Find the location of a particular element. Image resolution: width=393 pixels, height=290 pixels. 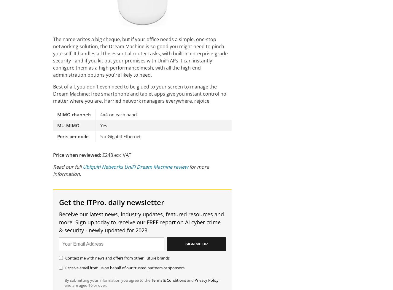

'Best of all, you don't even need to be glued to your screen to manage the Dream Machine: free smartphone and tablet apps give you instant control no matter where you are. Harried network managers everywhere, rejoice.' is located at coordinates (53, 94).